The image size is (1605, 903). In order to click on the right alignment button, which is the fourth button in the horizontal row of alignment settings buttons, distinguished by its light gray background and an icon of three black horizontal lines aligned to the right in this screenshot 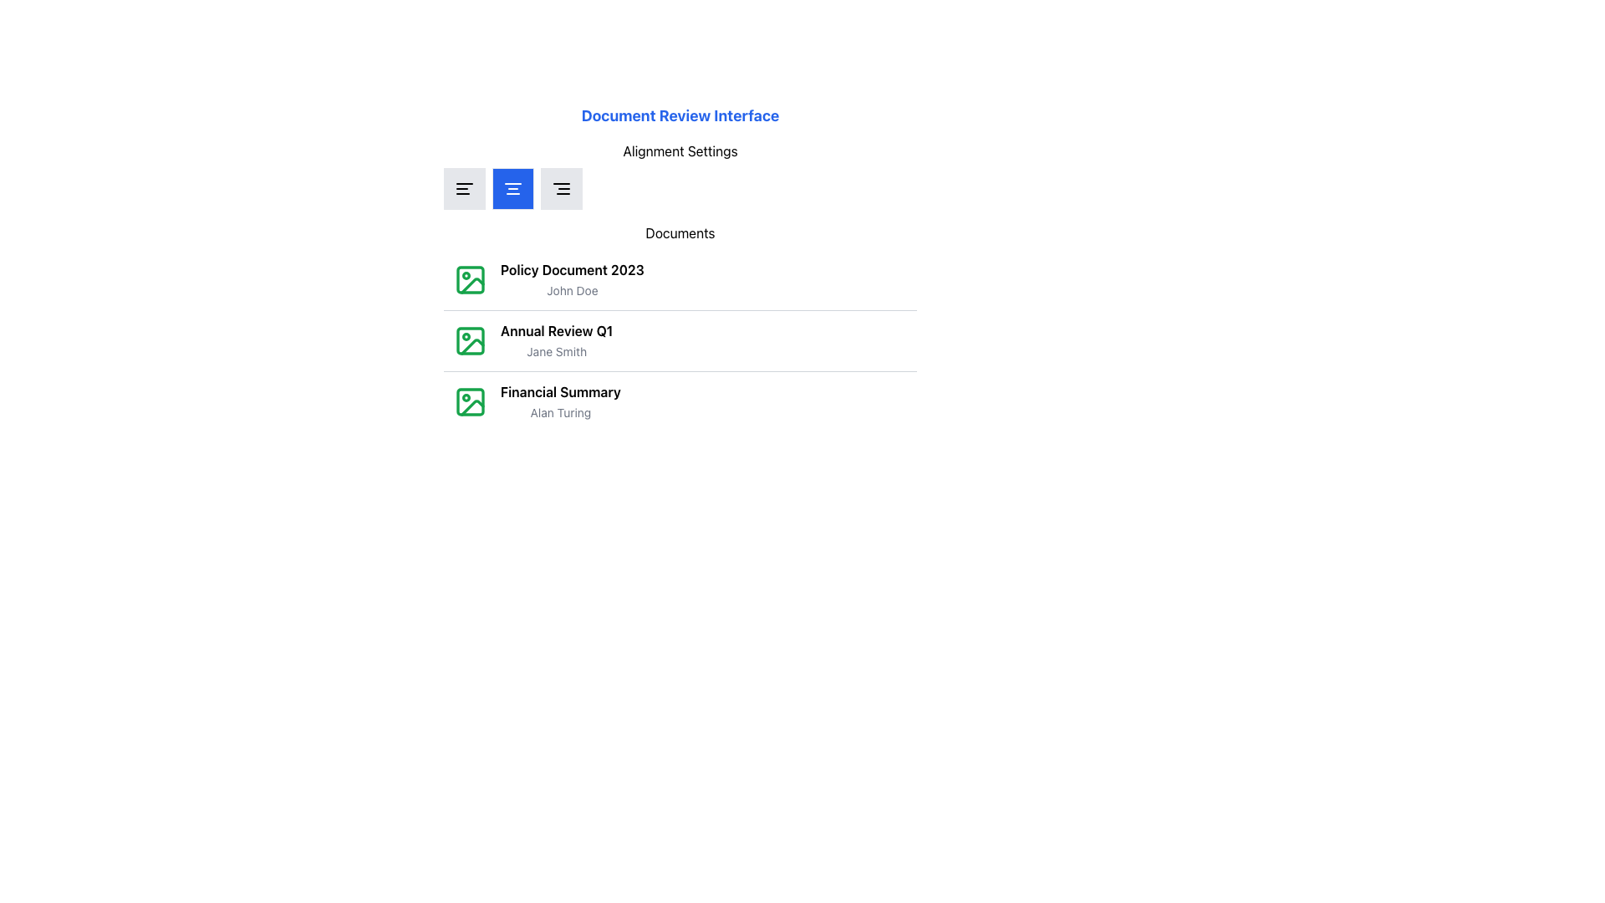, I will do `click(562, 188)`.